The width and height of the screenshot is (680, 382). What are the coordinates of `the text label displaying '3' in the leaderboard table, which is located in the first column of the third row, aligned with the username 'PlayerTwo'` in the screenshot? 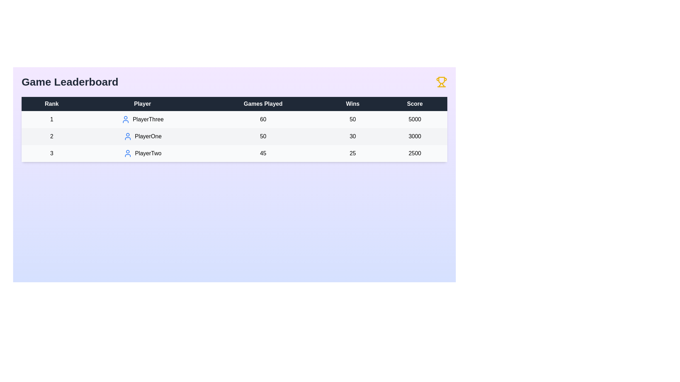 It's located at (51, 153).